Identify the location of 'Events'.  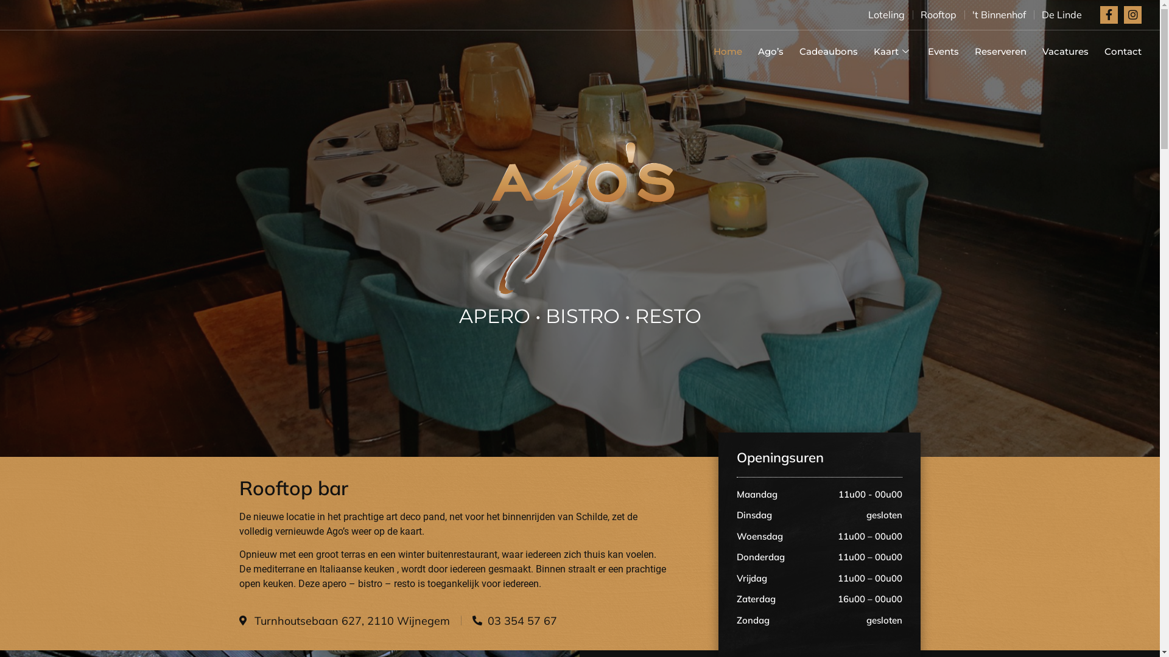
(935, 50).